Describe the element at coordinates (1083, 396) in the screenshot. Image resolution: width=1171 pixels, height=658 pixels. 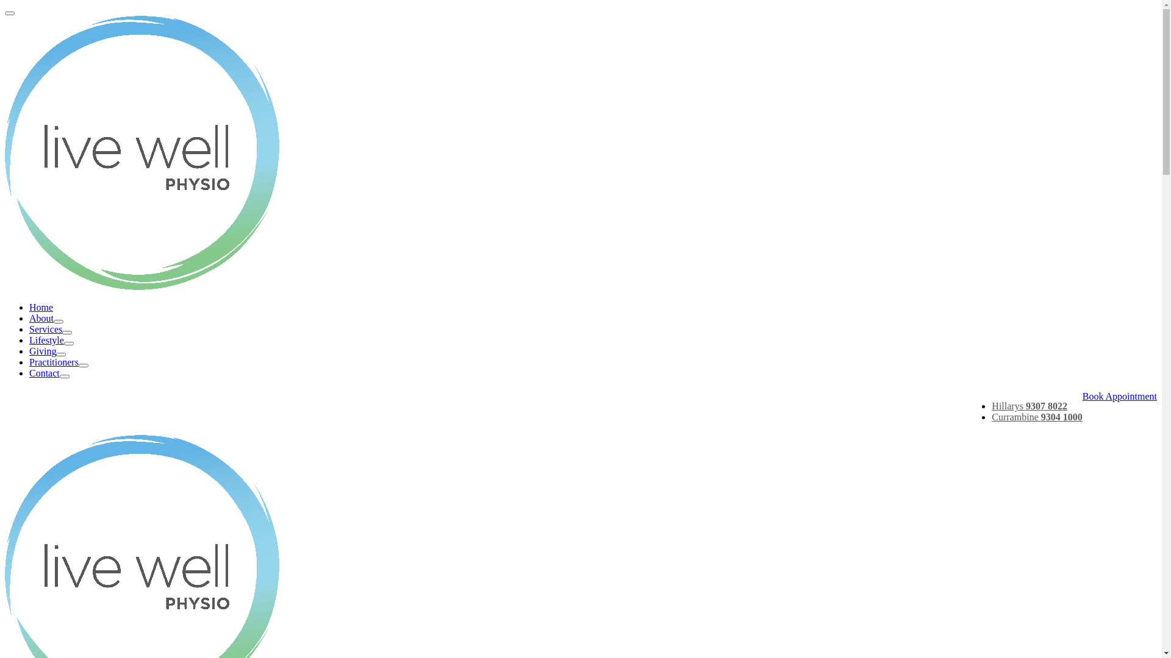
I see `'Book Appointment'` at that location.